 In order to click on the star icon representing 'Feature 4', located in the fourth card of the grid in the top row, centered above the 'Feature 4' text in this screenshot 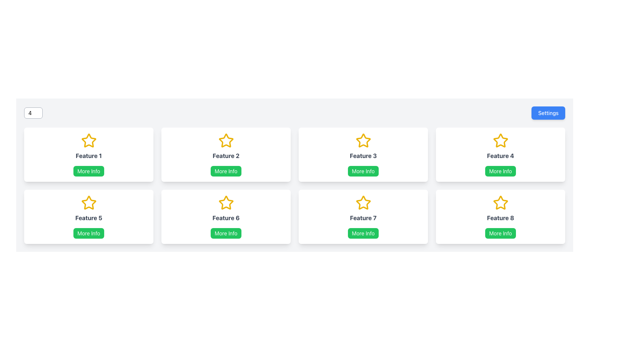, I will do `click(500, 140)`.